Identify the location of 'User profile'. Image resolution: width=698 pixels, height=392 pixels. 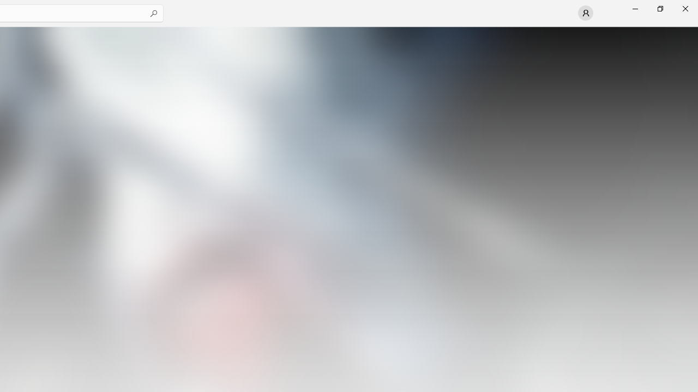
(585, 13).